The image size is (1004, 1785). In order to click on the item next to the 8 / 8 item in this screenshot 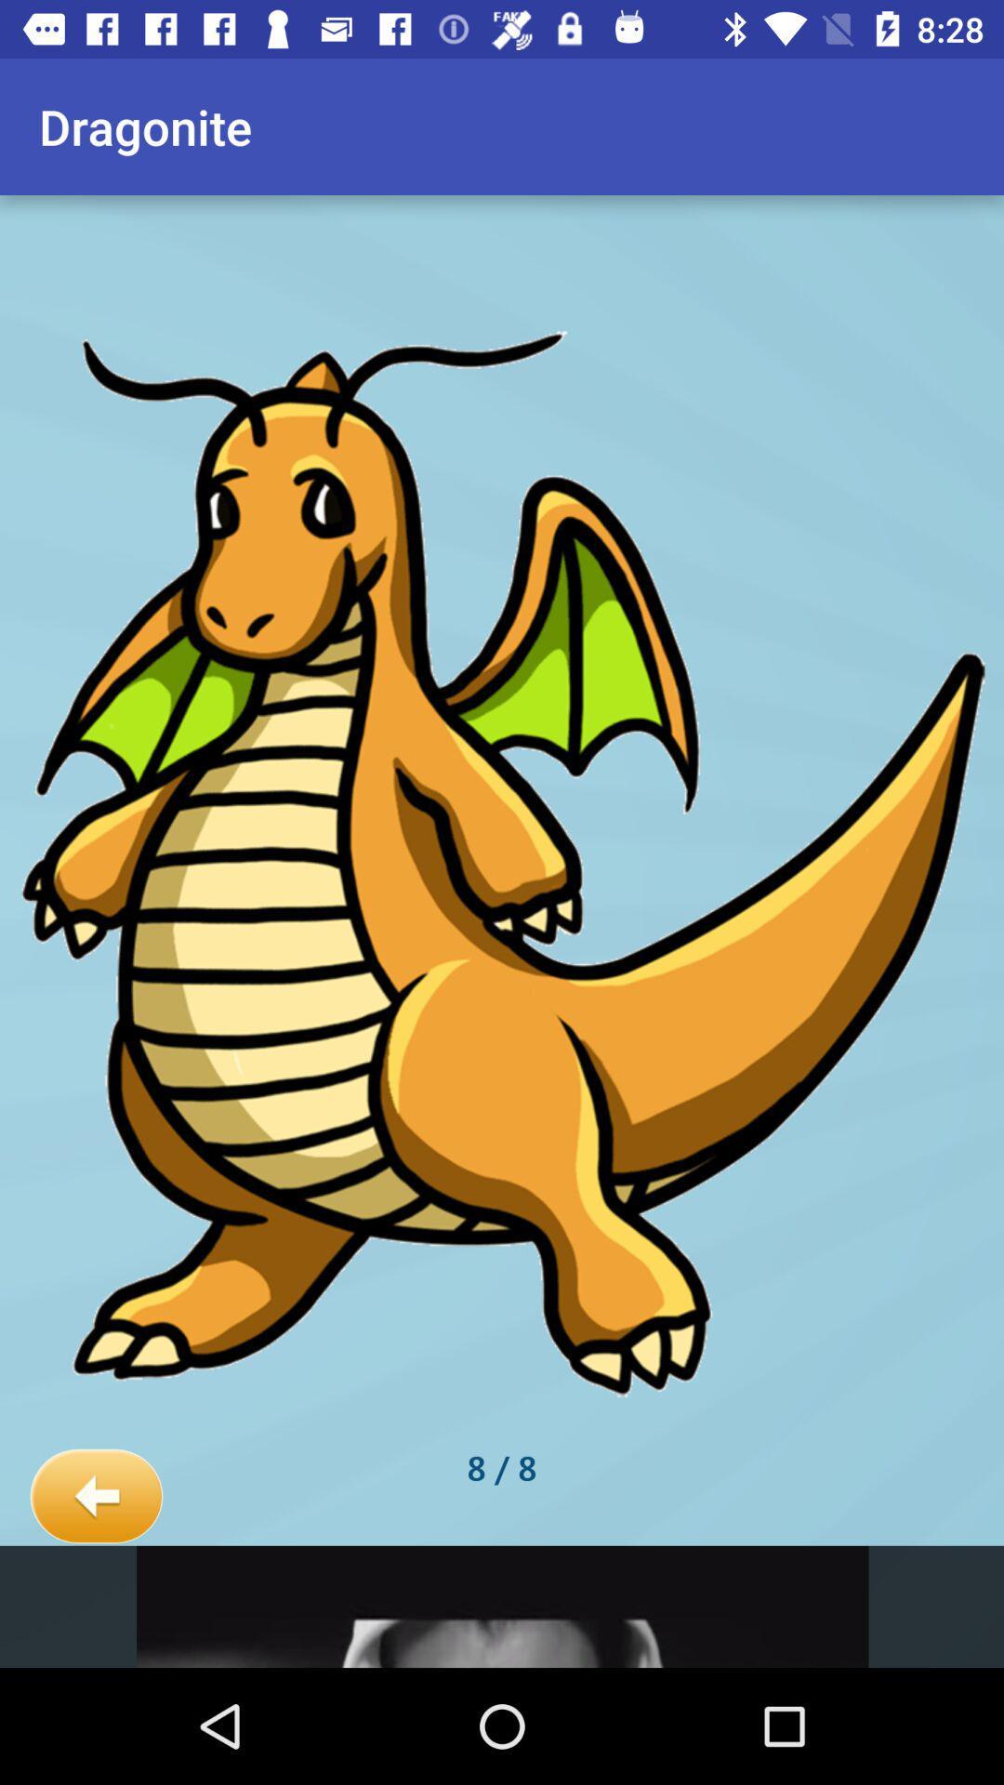, I will do `click(96, 1497)`.